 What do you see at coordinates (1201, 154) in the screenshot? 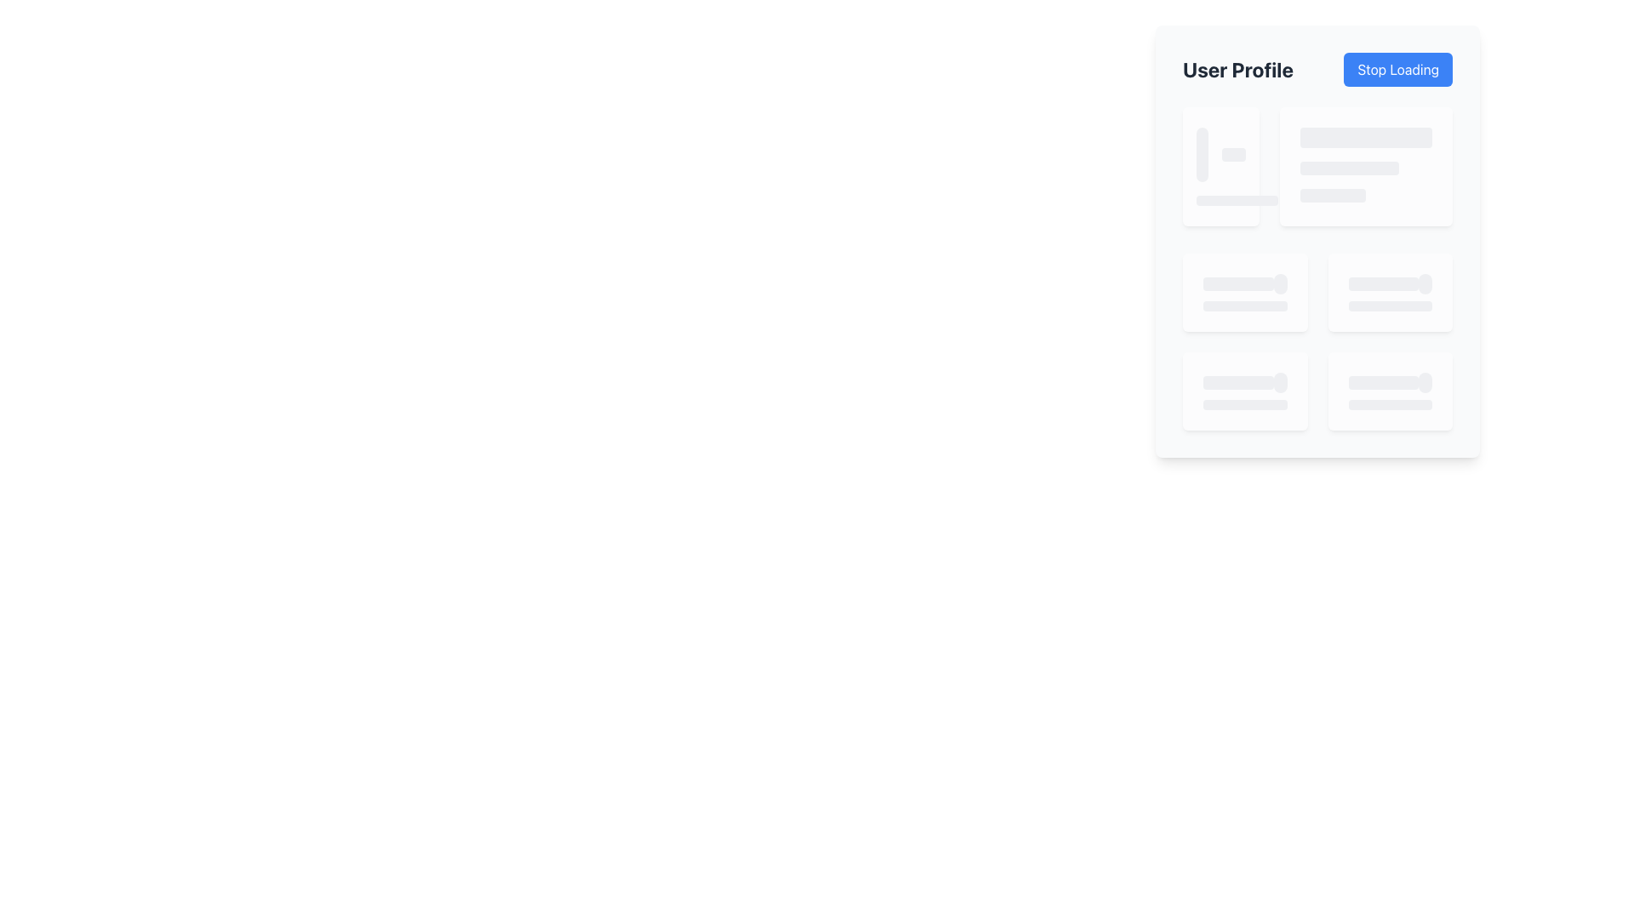
I see `the circular avatar placeholder located at the upper-left section of the 'User Profile' interface card` at bounding box center [1201, 154].